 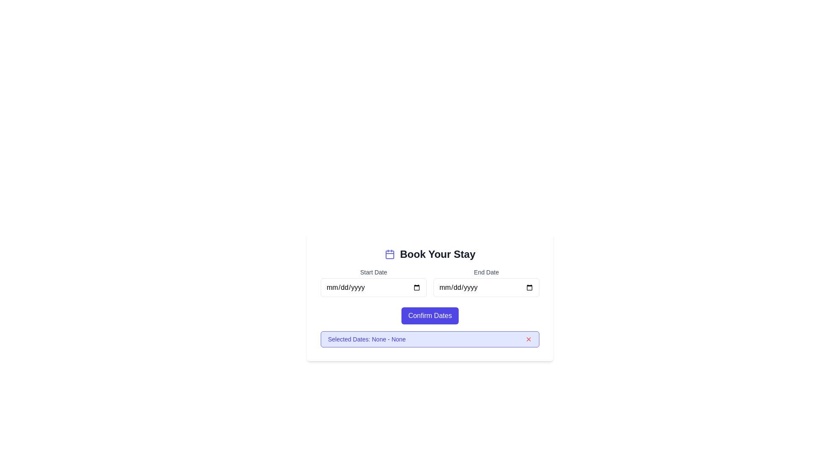 What do you see at coordinates (373, 288) in the screenshot?
I see `the 'Start Date' input field, which is the first date input styled with rounded corners and labeled 'Start Date'` at bounding box center [373, 288].